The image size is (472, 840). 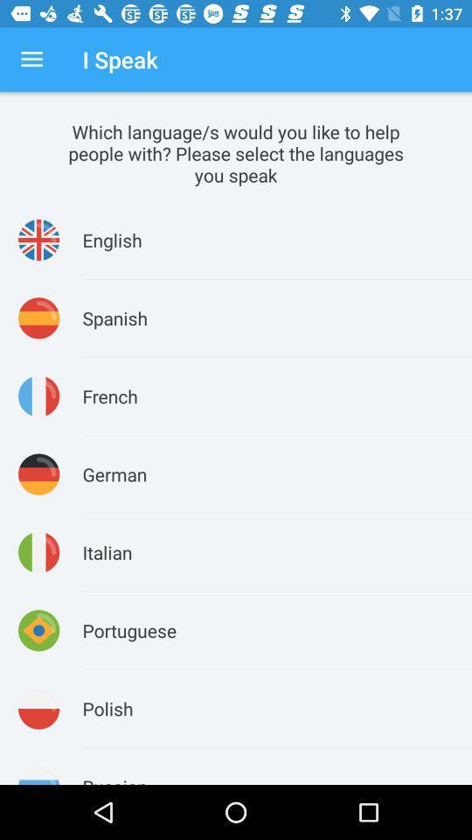 What do you see at coordinates (31, 59) in the screenshot?
I see `item above which language s` at bounding box center [31, 59].